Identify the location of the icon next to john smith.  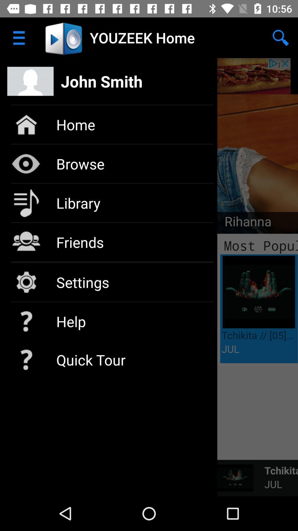
(281, 37).